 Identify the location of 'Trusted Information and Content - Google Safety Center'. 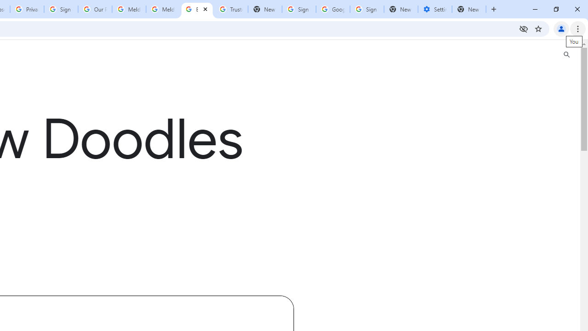
(231, 9).